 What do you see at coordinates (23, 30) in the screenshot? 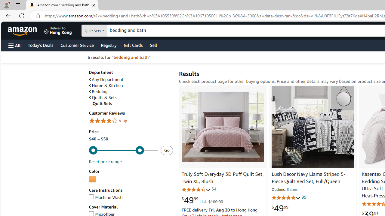
I see `'Amazon'` at bounding box center [23, 30].